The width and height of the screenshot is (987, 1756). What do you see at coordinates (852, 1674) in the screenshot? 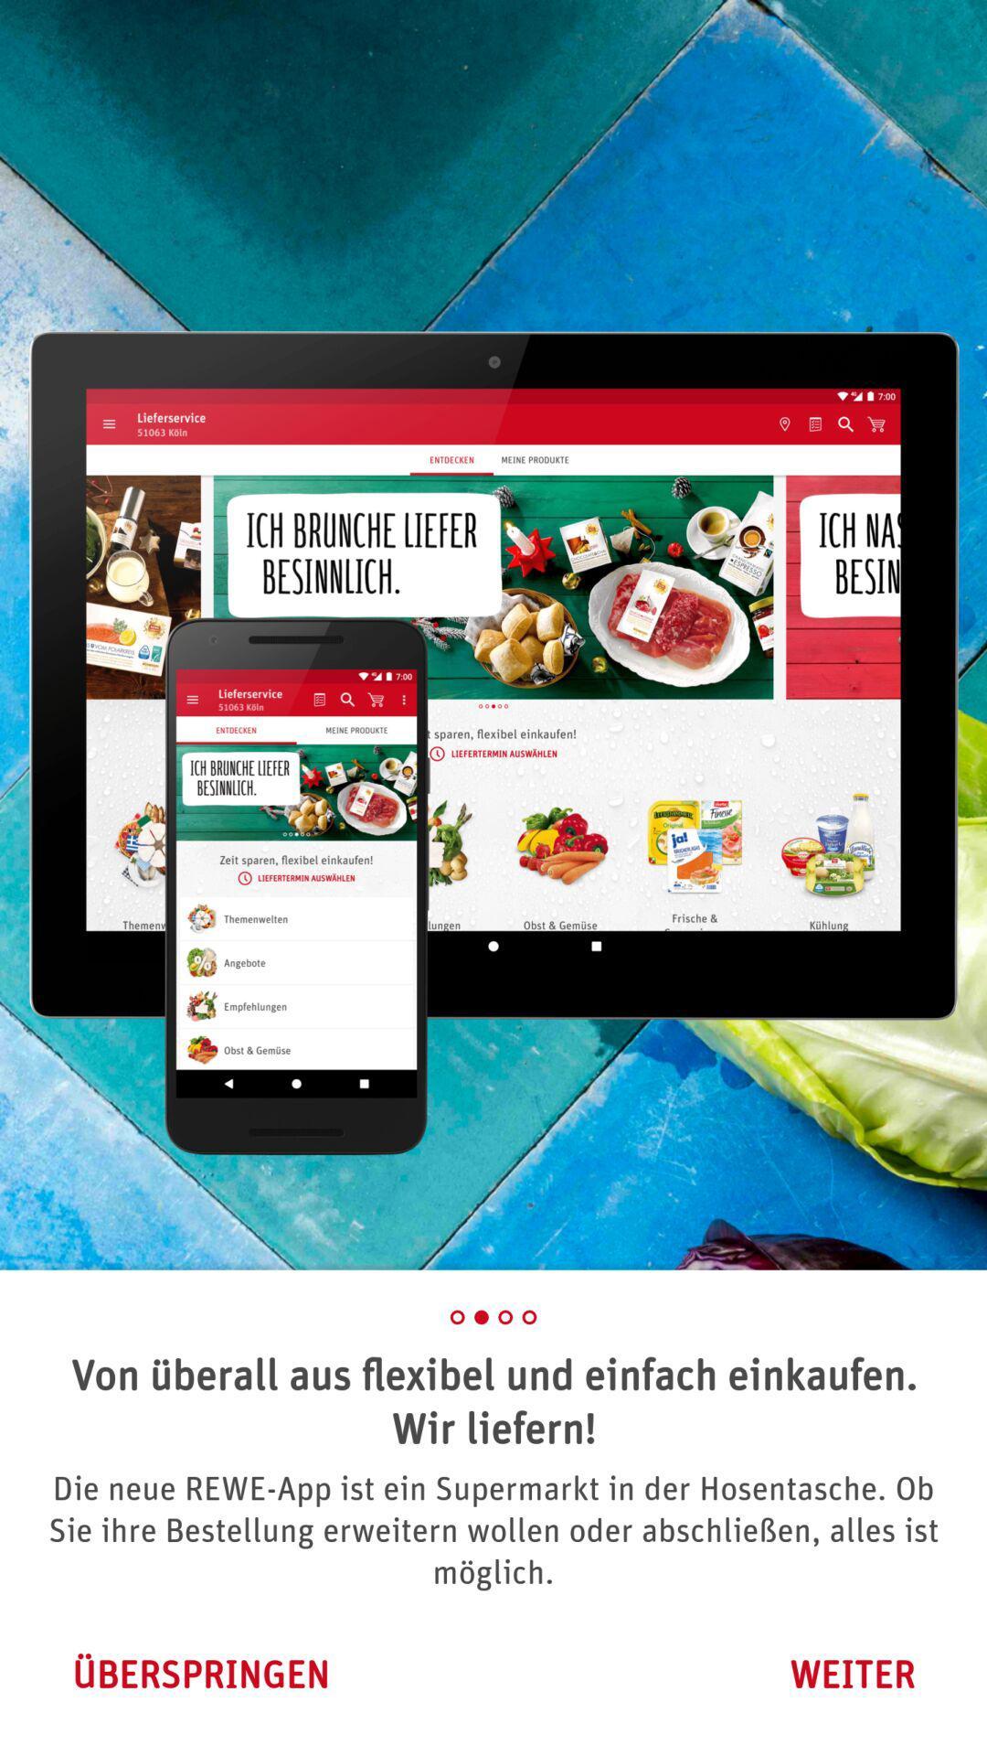
I see `weiter icon` at bounding box center [852, 1674].